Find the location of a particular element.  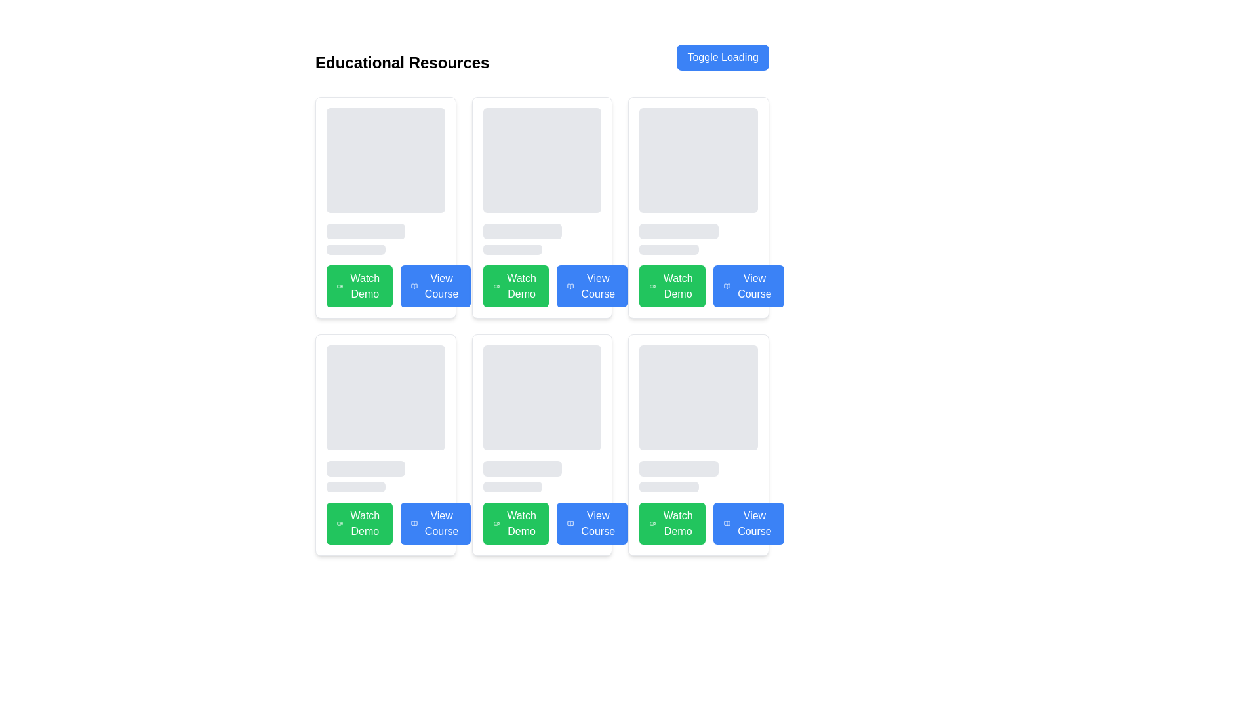

the first decorative block with rounded corners, light gray color, located in the second column of the bottom row of blocks is located at coordinates (385, 397).